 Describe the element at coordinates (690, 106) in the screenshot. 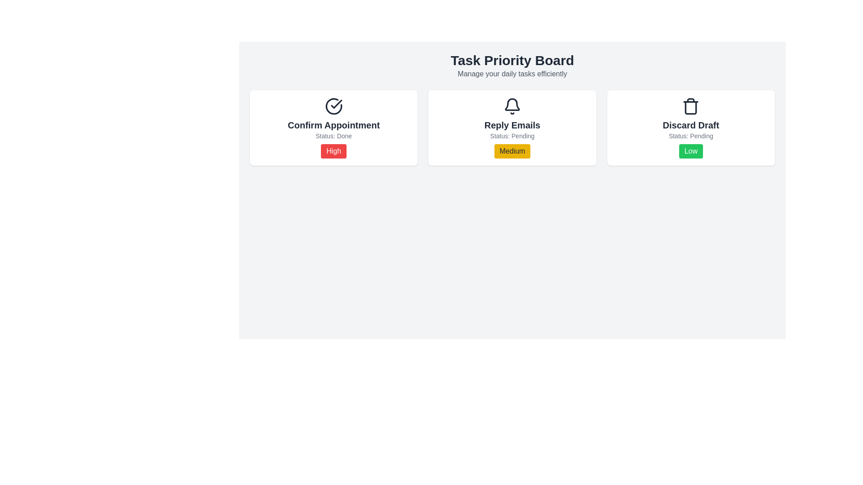

I see `the Trash Bin icon located in the 'Discard Draft' card within the 'Task Priority Board' interface` at that location.